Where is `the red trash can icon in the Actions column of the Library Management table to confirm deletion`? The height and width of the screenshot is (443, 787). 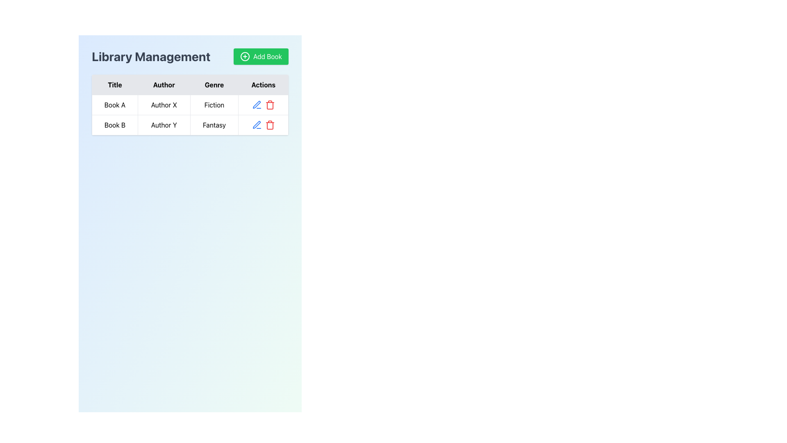
the red trash can icon in the Actions column of the Library Management table to confirm deletion is located at coordinates (263, 104).